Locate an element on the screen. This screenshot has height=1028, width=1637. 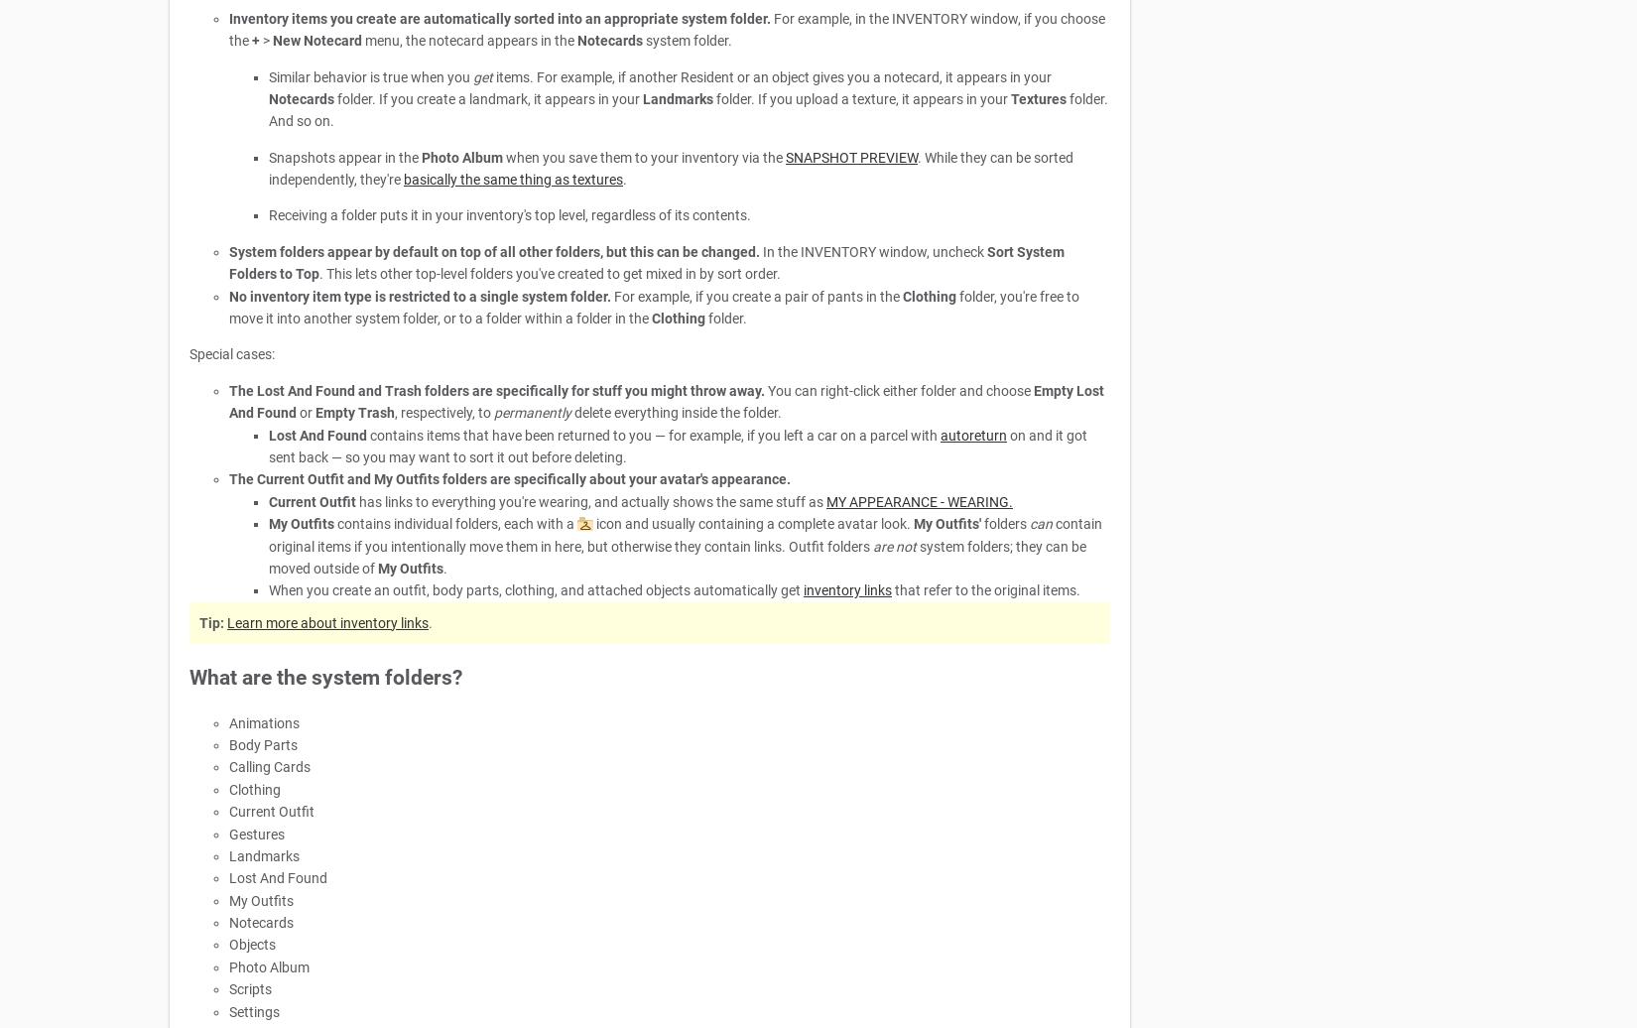
'contain original items if you intentionally move them in here, but otherwise they contain links. Outfit folders' is located at coordinates (685, 535).